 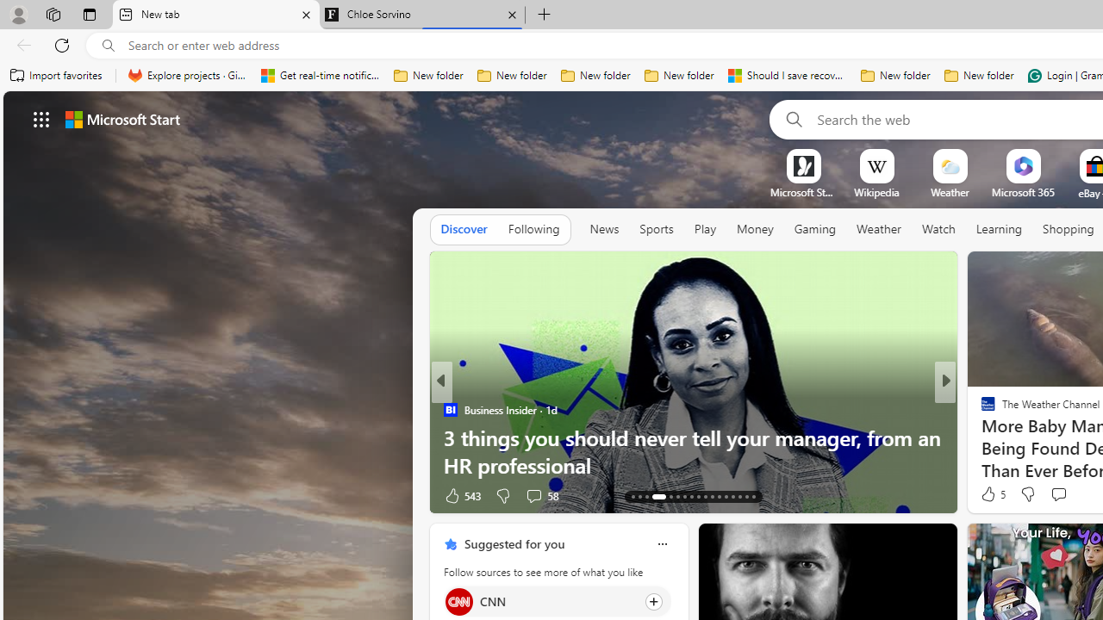 I want to click on 'News', so click(x=604, y=229).